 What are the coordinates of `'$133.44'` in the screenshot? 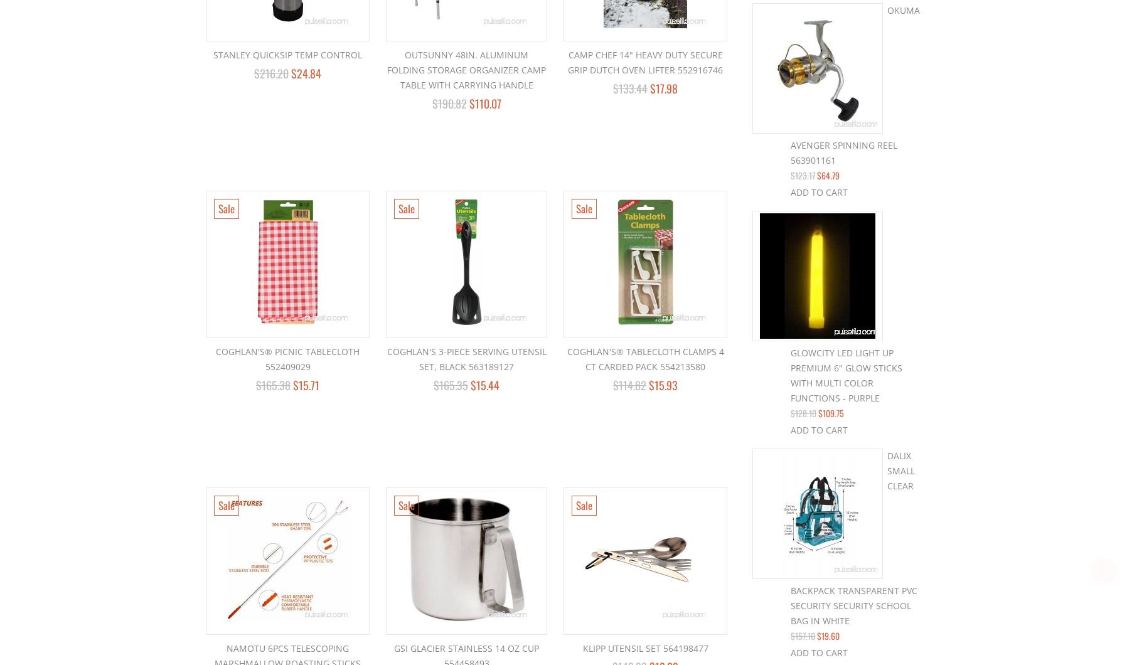 It's located at (630, 87).